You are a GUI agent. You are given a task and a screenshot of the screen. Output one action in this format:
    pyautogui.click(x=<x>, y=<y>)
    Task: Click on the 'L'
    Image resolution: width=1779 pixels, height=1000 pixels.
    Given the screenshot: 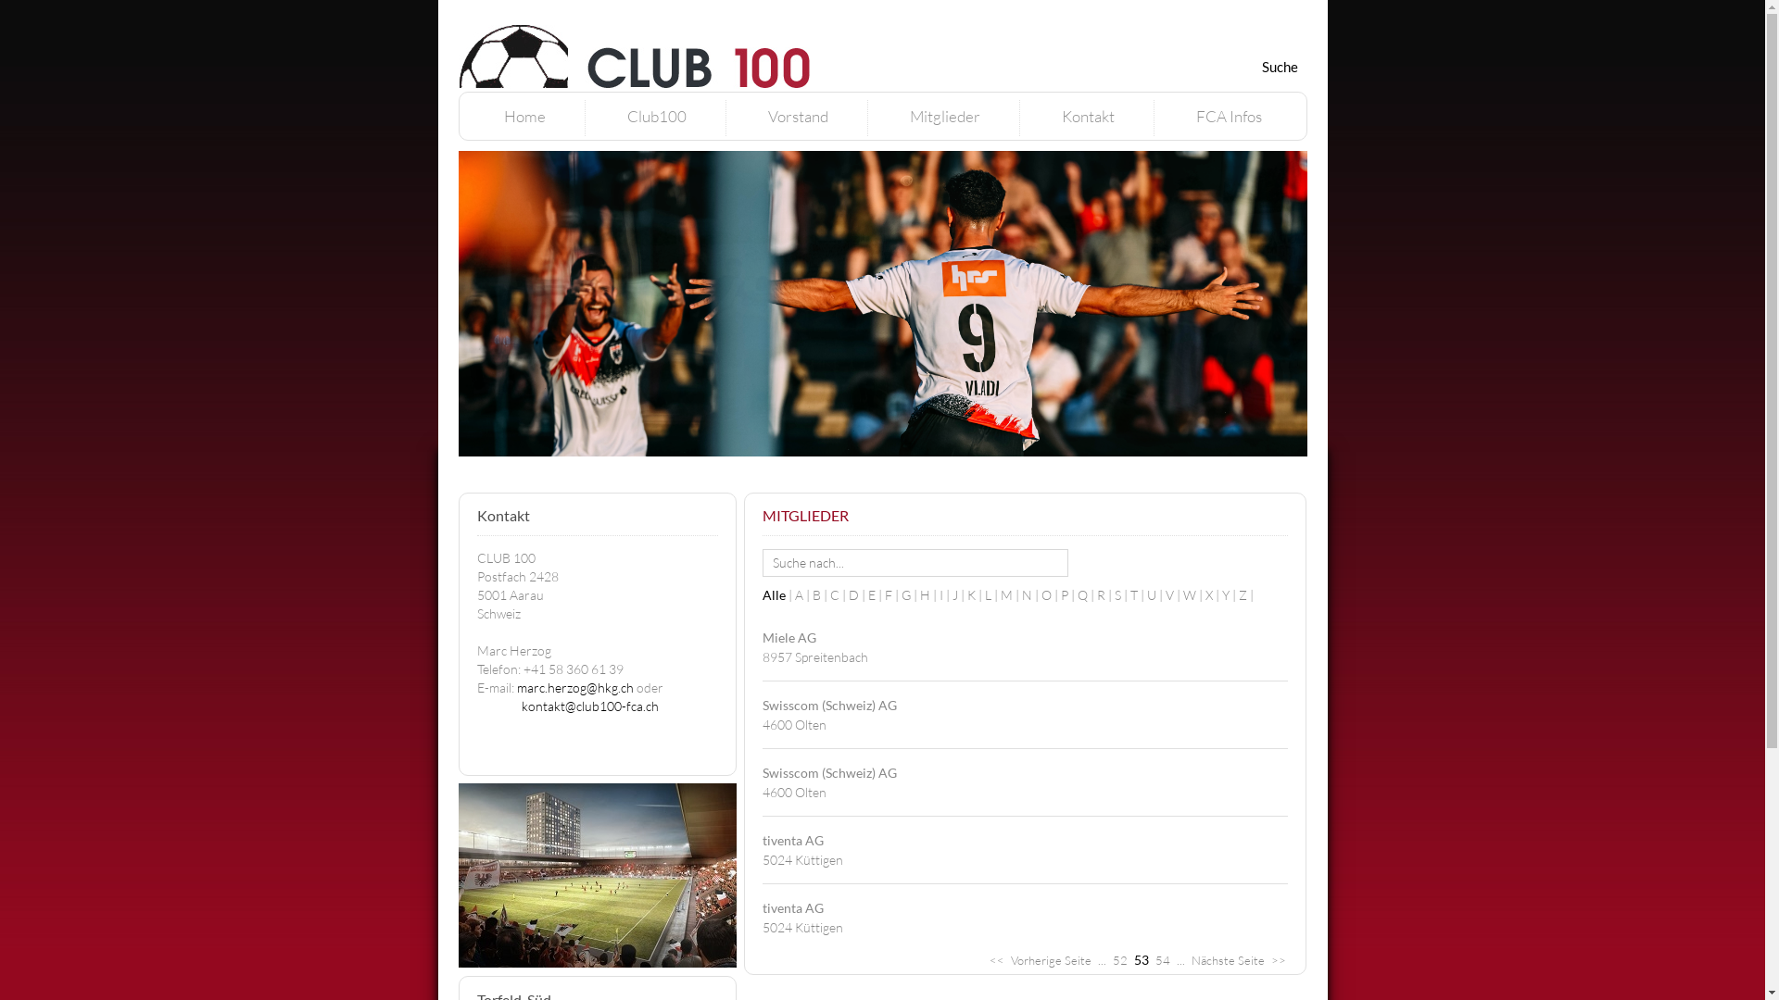 What is the action you would take?
    pyautogui.click(x=990, y=594)
    